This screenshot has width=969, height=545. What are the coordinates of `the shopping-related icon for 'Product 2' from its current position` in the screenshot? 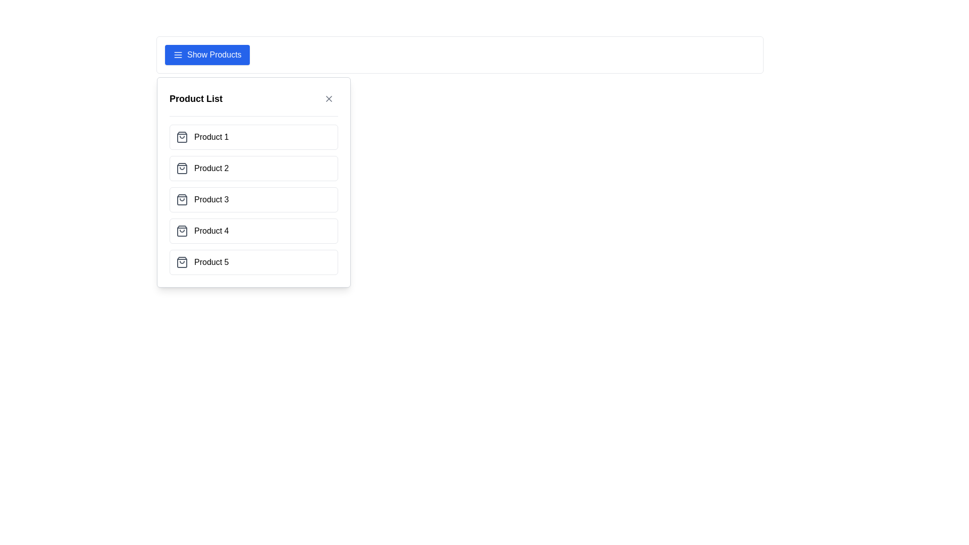 It's located at (182, 168).